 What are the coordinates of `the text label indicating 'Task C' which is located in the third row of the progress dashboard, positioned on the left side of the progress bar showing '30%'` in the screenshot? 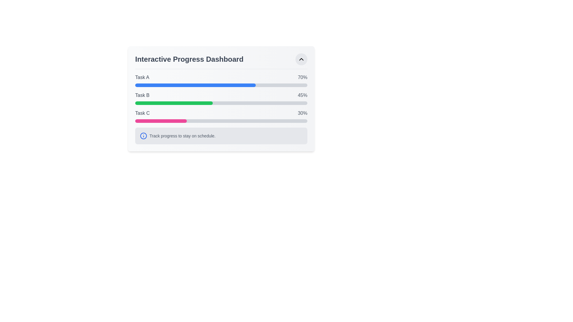 It's located at (142, 113).